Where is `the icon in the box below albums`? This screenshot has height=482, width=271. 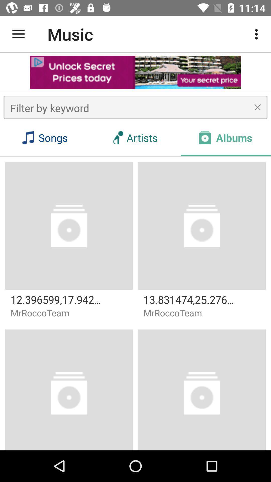 the icon in the box below albums is located at coordinates (202, 225).